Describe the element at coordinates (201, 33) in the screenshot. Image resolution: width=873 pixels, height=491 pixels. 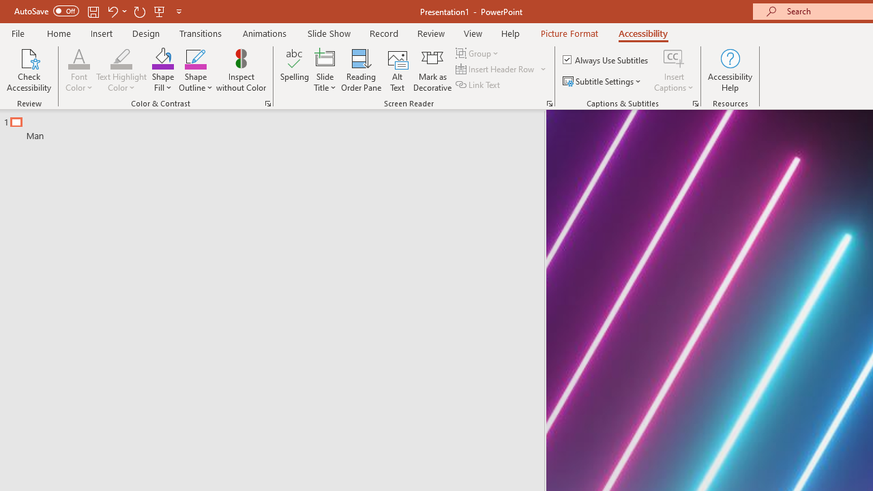
I see `'Transitions'` at that location.